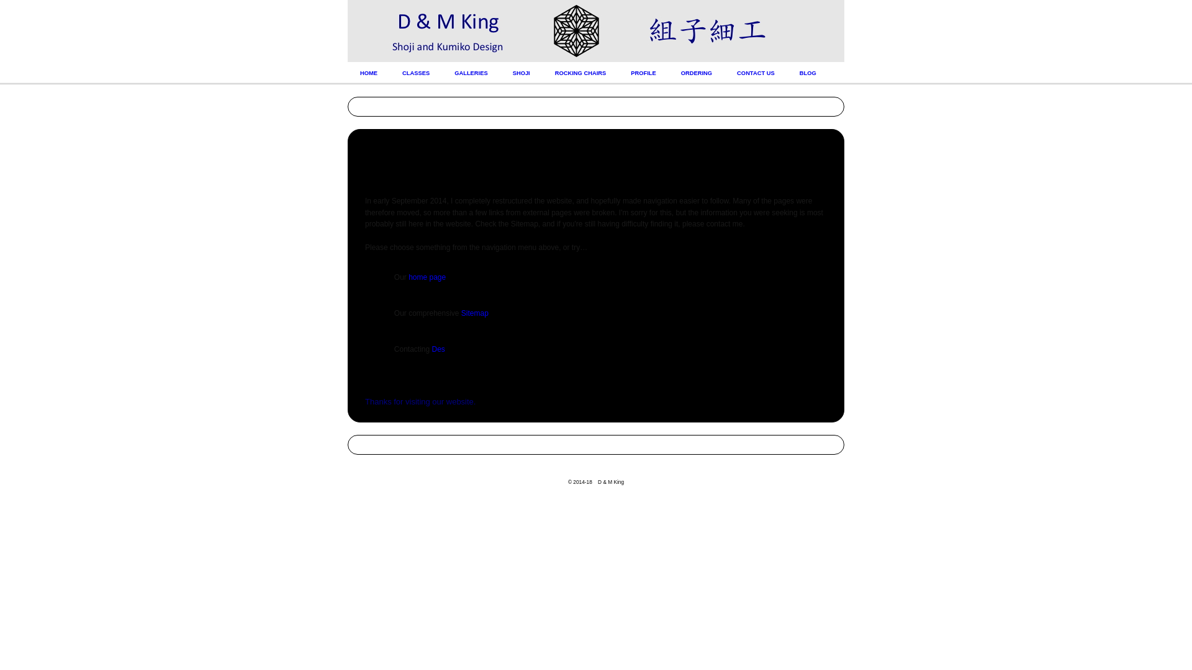  Describe the element at coordinates (427, 277) in the screenshot. I see `'home page'` at that location.